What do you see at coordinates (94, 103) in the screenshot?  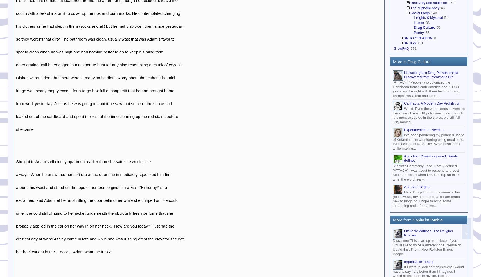 I see `'from work yesterday. Just as he was going to shut it he saw that some of the sauce had'` at bounding box center [94, 103].